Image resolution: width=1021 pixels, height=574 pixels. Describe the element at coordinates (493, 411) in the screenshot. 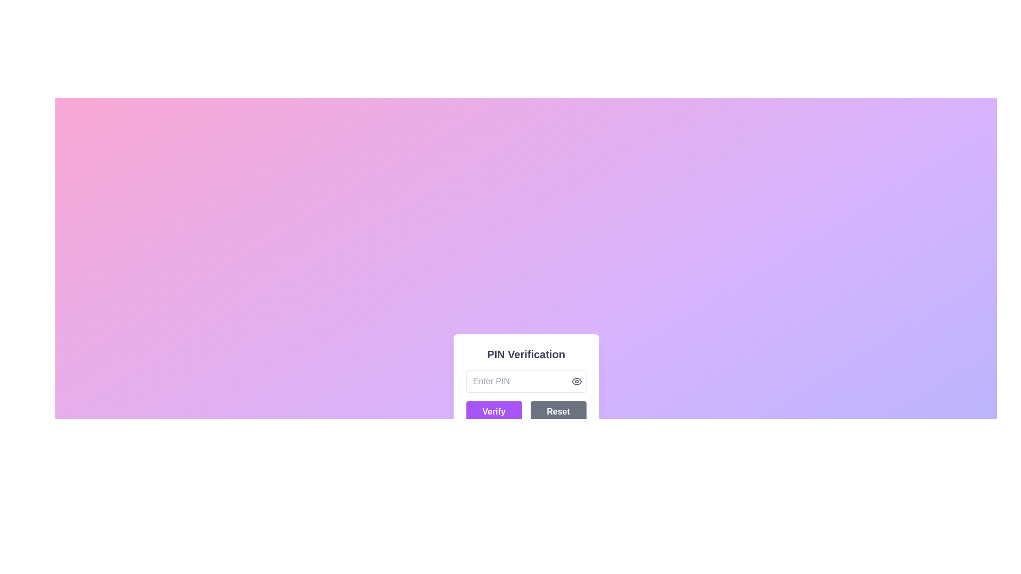

I see `the confirmation button for PIN verification, located on the left side of the grid layout adjacent to the Reset button` at that location.